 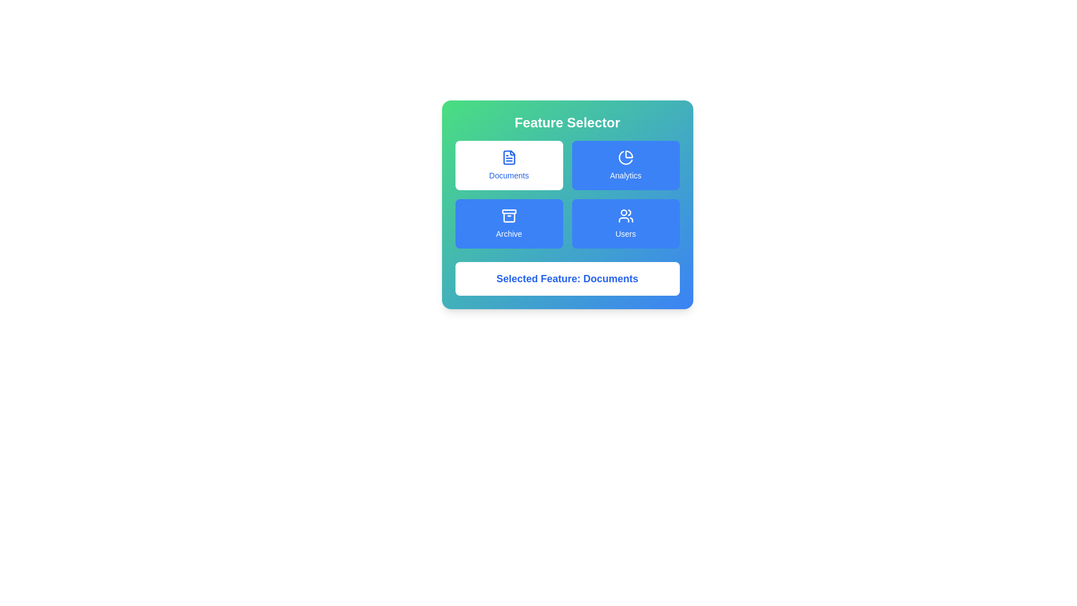 What do you see at coordinates (625, 223) in the screenshot?
I see `the 'Users' button located in the bottom-right slot of the grid` at bounding box center [625, 223].